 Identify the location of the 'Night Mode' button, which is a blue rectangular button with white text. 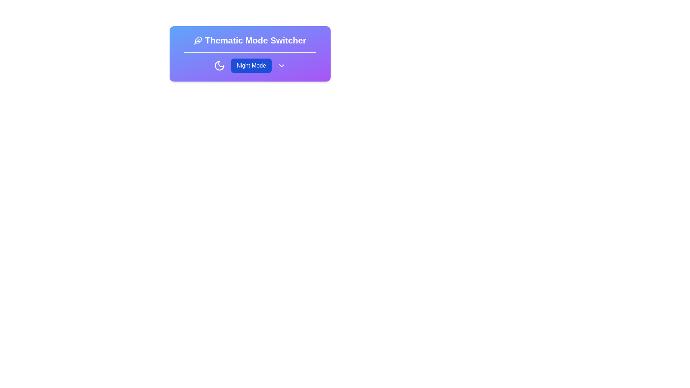
(251, 65).